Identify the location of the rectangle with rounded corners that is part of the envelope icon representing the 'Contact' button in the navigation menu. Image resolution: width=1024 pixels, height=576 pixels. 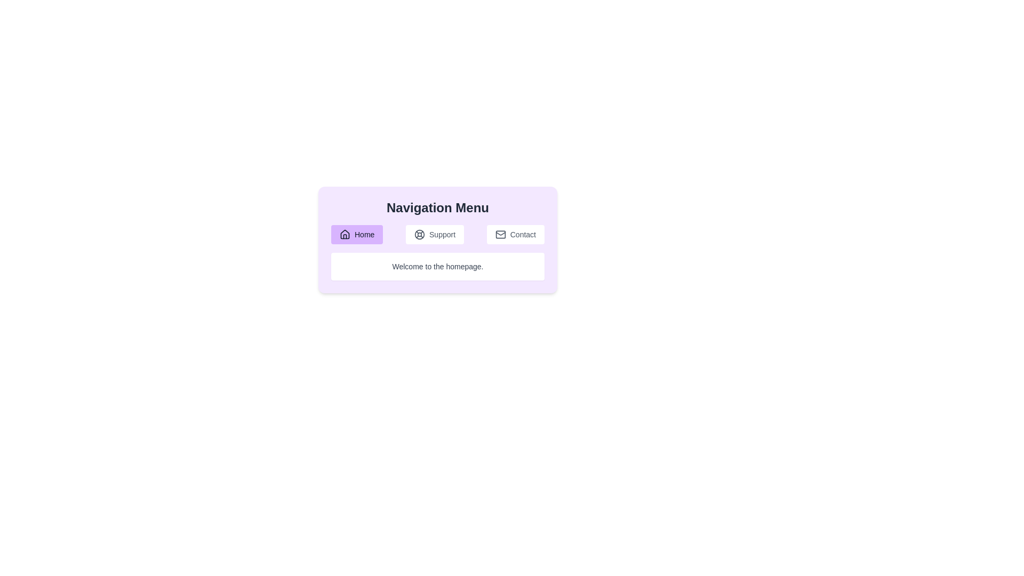
(500, 234).